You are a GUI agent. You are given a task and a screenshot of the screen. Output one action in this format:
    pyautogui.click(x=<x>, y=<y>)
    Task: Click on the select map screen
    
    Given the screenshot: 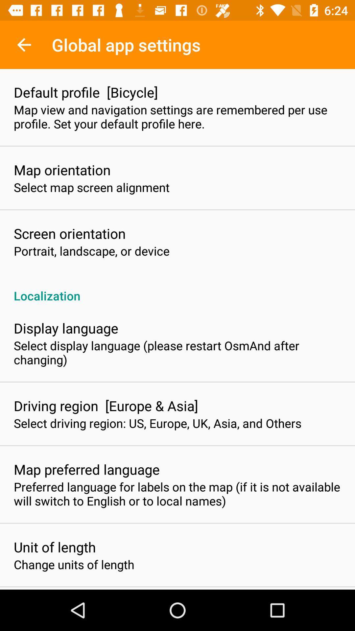 What is the action you would take?
    pyautogui.click(x=91, y=187)
    